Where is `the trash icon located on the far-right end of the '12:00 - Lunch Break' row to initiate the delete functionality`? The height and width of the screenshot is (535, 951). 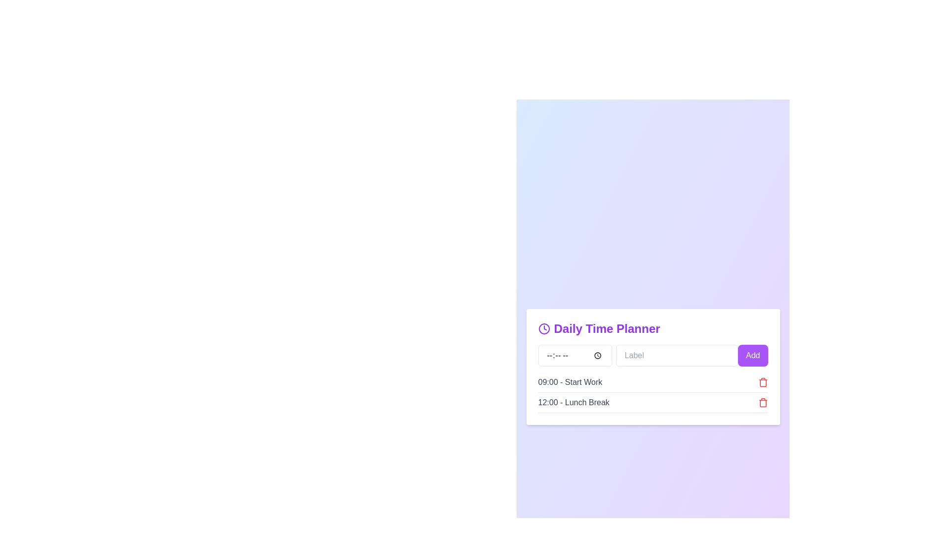
the trash icon located on the far-right end of the '12:00 - Lunch Break' row to initiate the delete functionality is located at coordinates (762, 403).